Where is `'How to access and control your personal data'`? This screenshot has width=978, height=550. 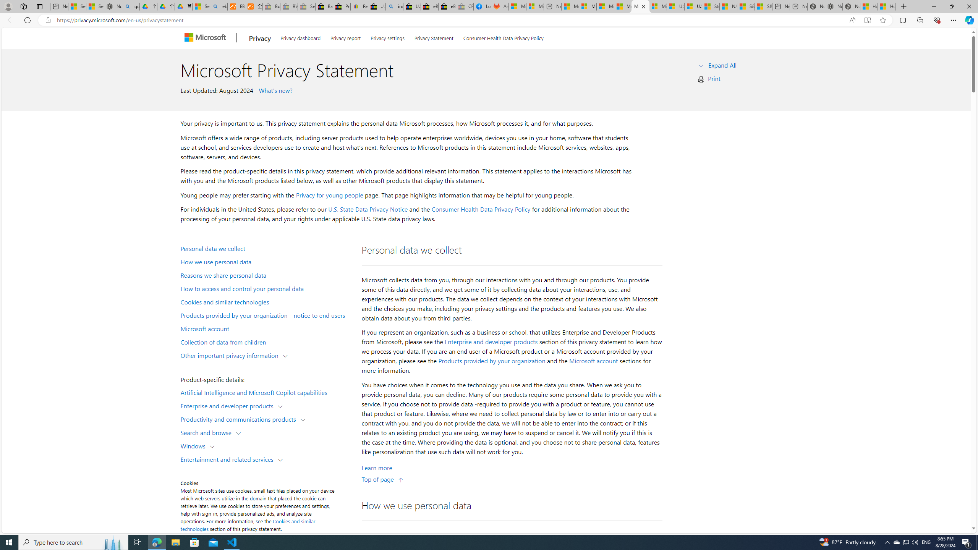 'How to access and control your personal data' is located at coordinates (266, 288).